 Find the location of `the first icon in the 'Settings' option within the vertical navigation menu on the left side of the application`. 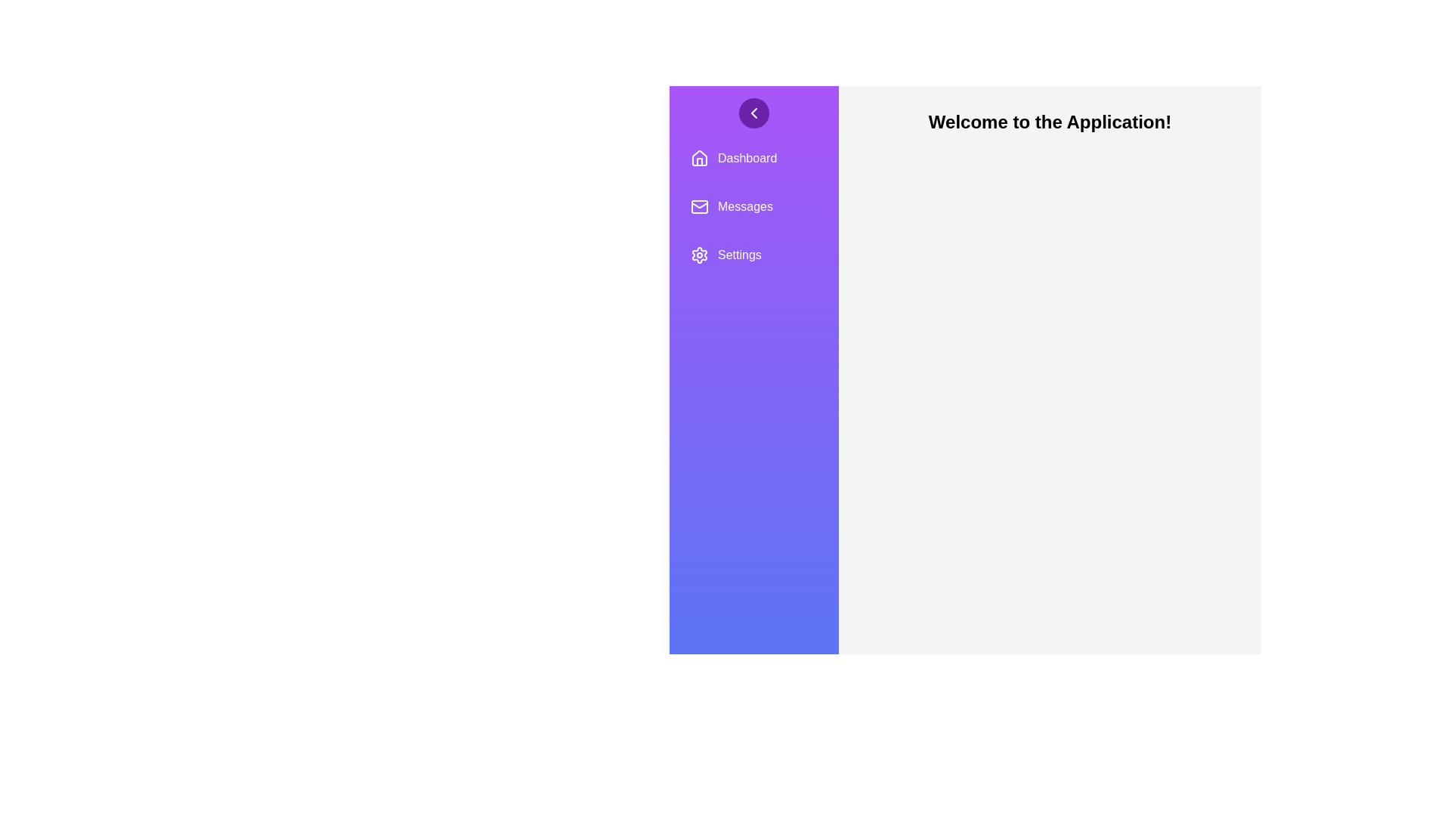

the first icon in the 'Settings' option within the vertical navigation menu on the left side of the application is located at coordinates (699, 255).